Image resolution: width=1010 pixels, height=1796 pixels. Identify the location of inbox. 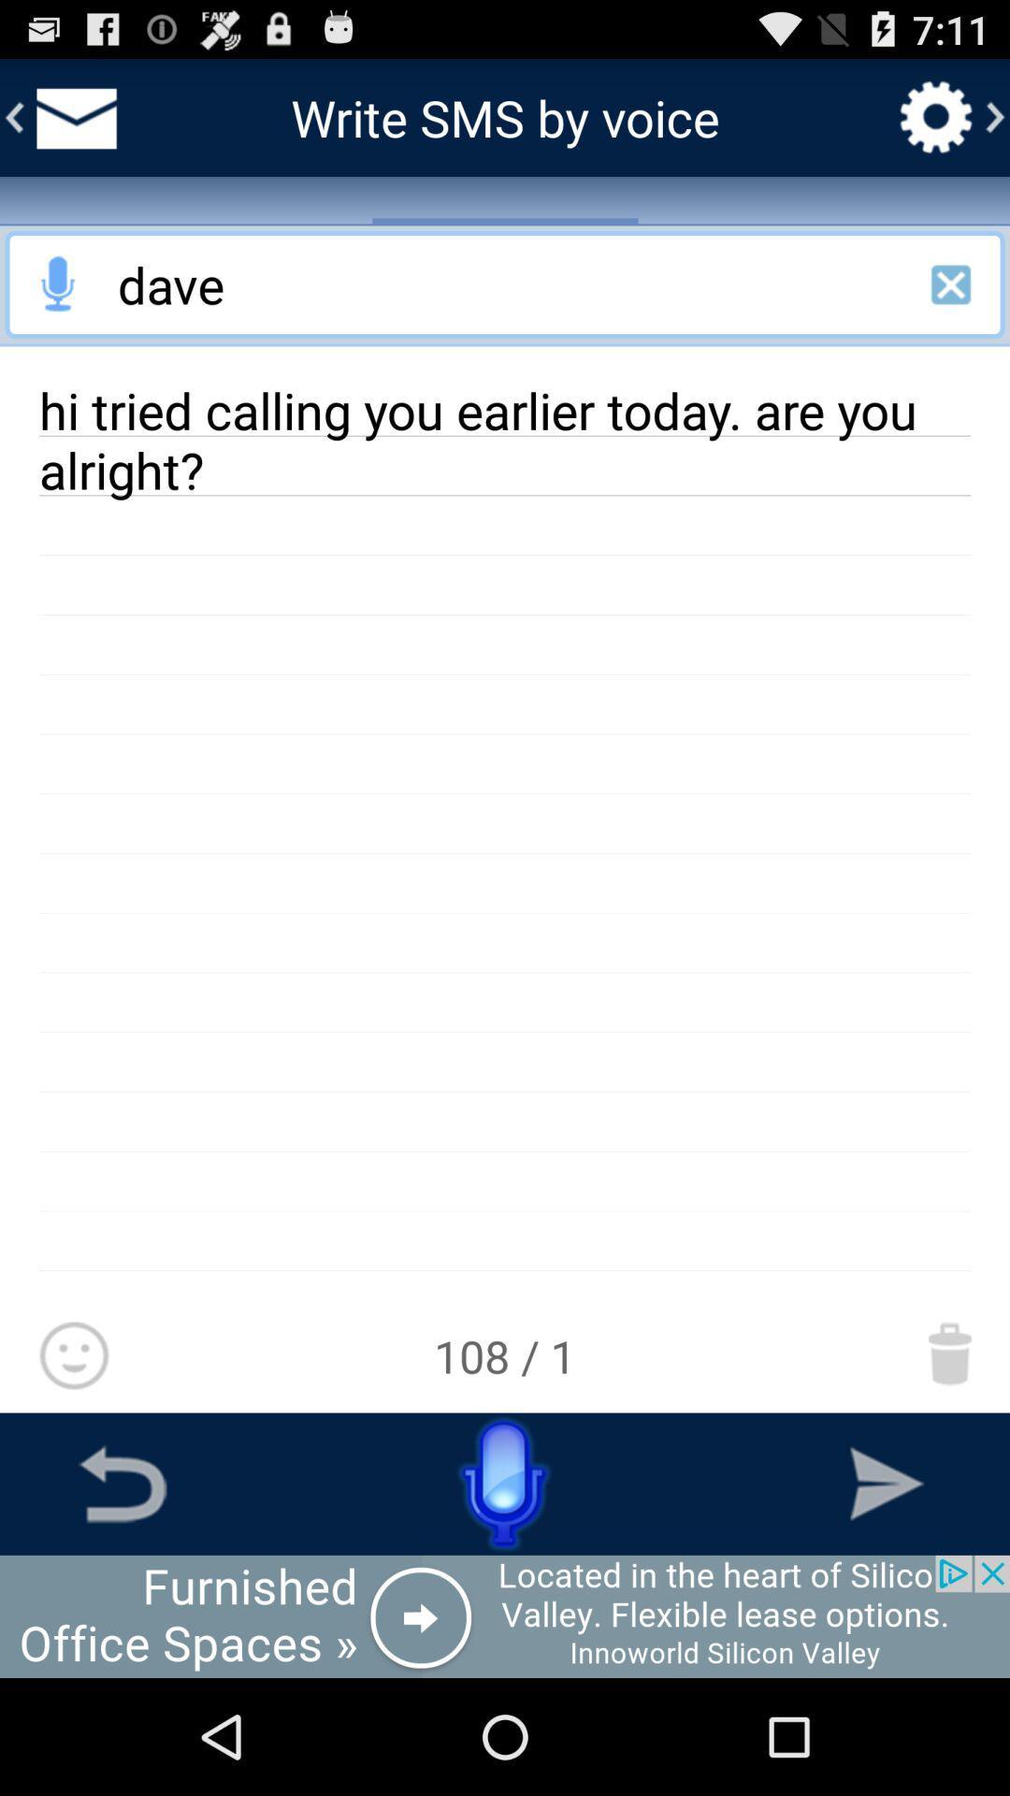
(72, 116).